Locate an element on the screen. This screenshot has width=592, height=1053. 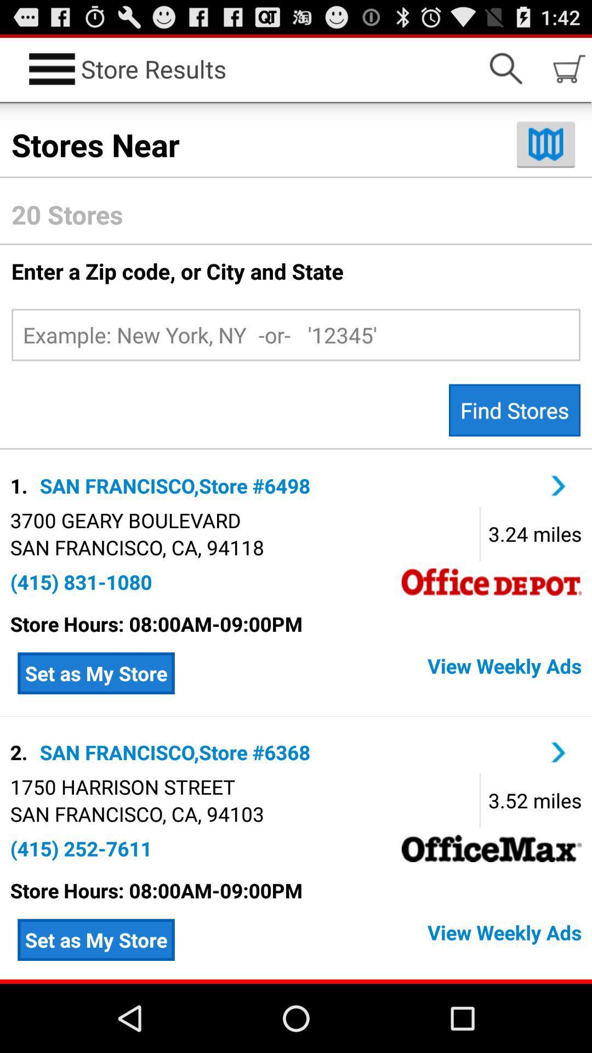
icon below san francisco ca item is located at coordinates (81, 848).